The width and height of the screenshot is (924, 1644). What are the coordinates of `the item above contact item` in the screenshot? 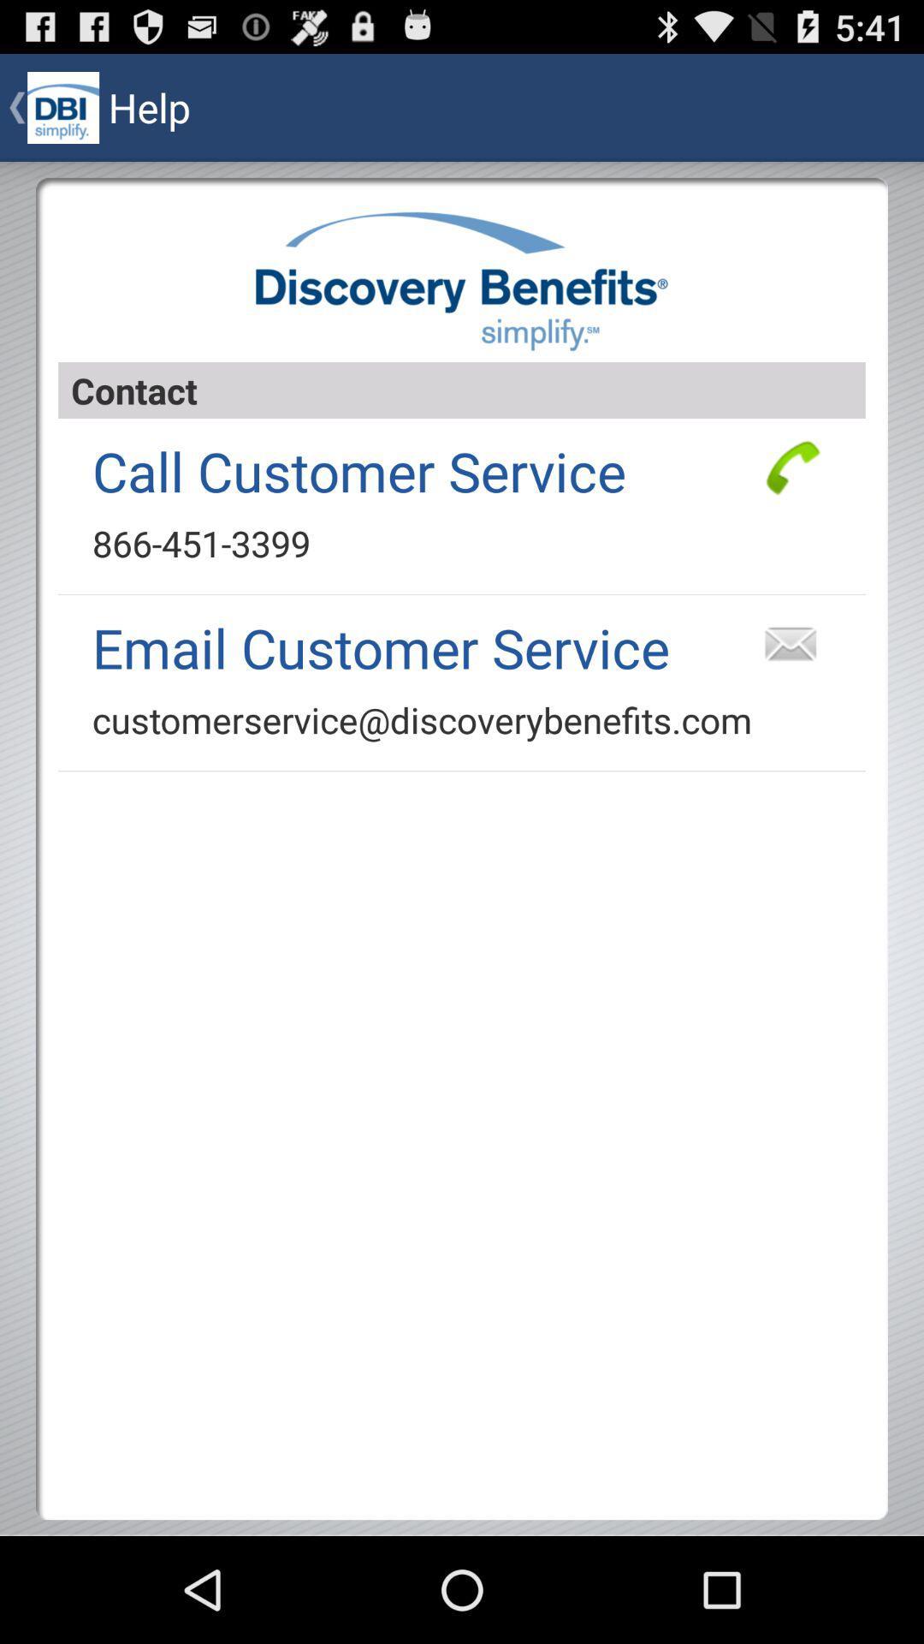 It's located at (462, 281).